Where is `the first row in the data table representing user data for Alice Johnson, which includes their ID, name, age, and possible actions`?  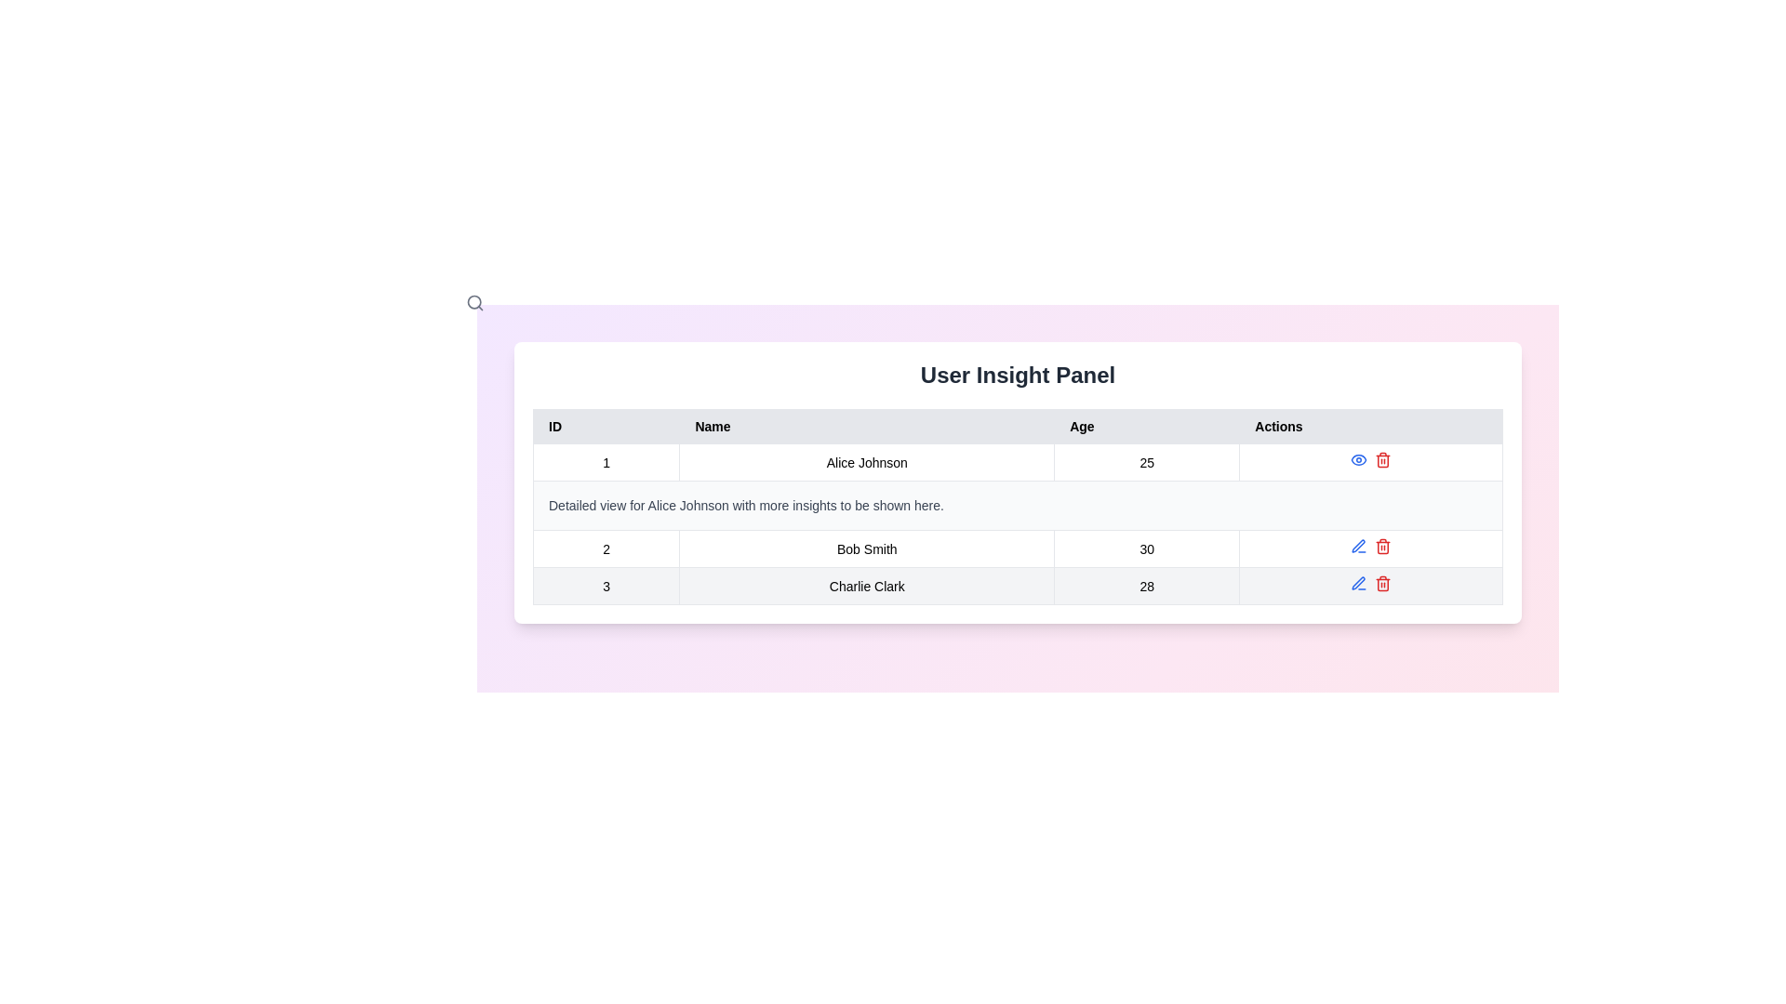 the first row in the data table representing user data for Alice Johnson, which includes their ID, name, age, and possible actions is located at coordinates (1017, 461).